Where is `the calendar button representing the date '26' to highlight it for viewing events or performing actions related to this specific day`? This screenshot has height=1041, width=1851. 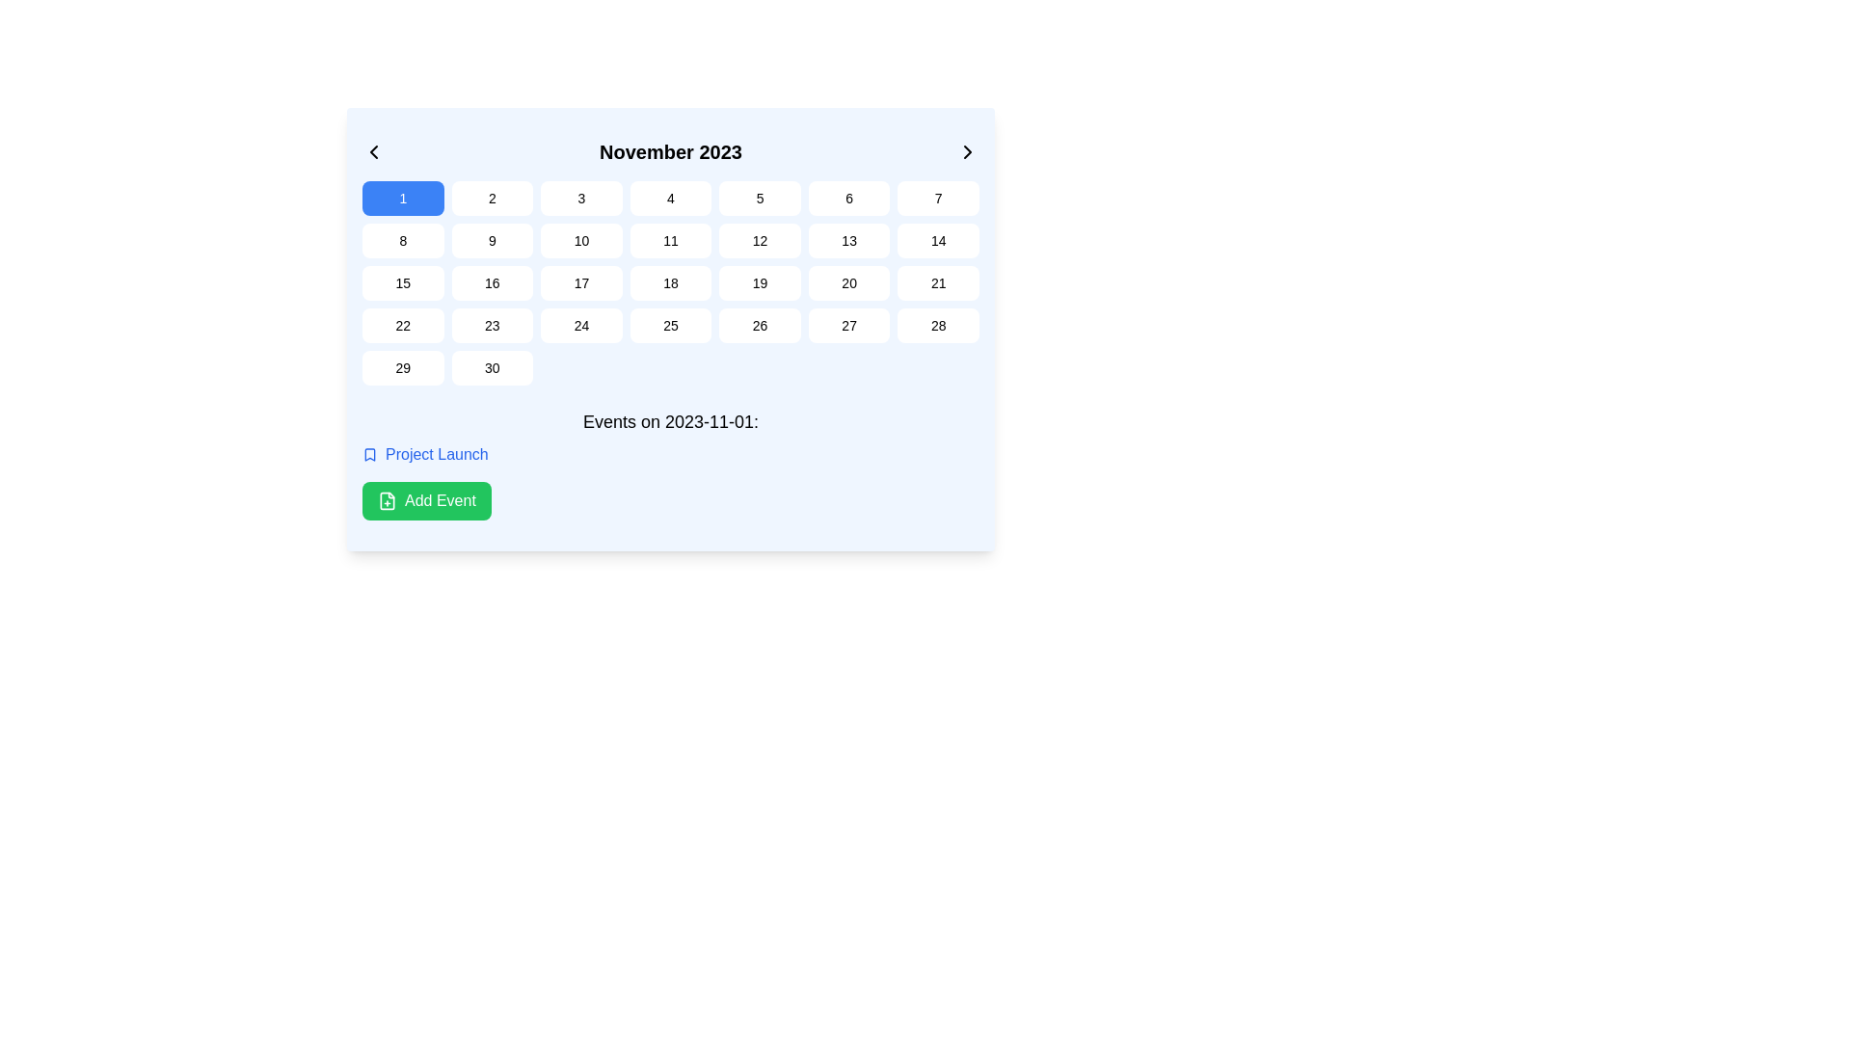 the calendar button representing the date '26' to highlight it for viewing events or performing actions related to this specific day is located at coordinates (759, 325).